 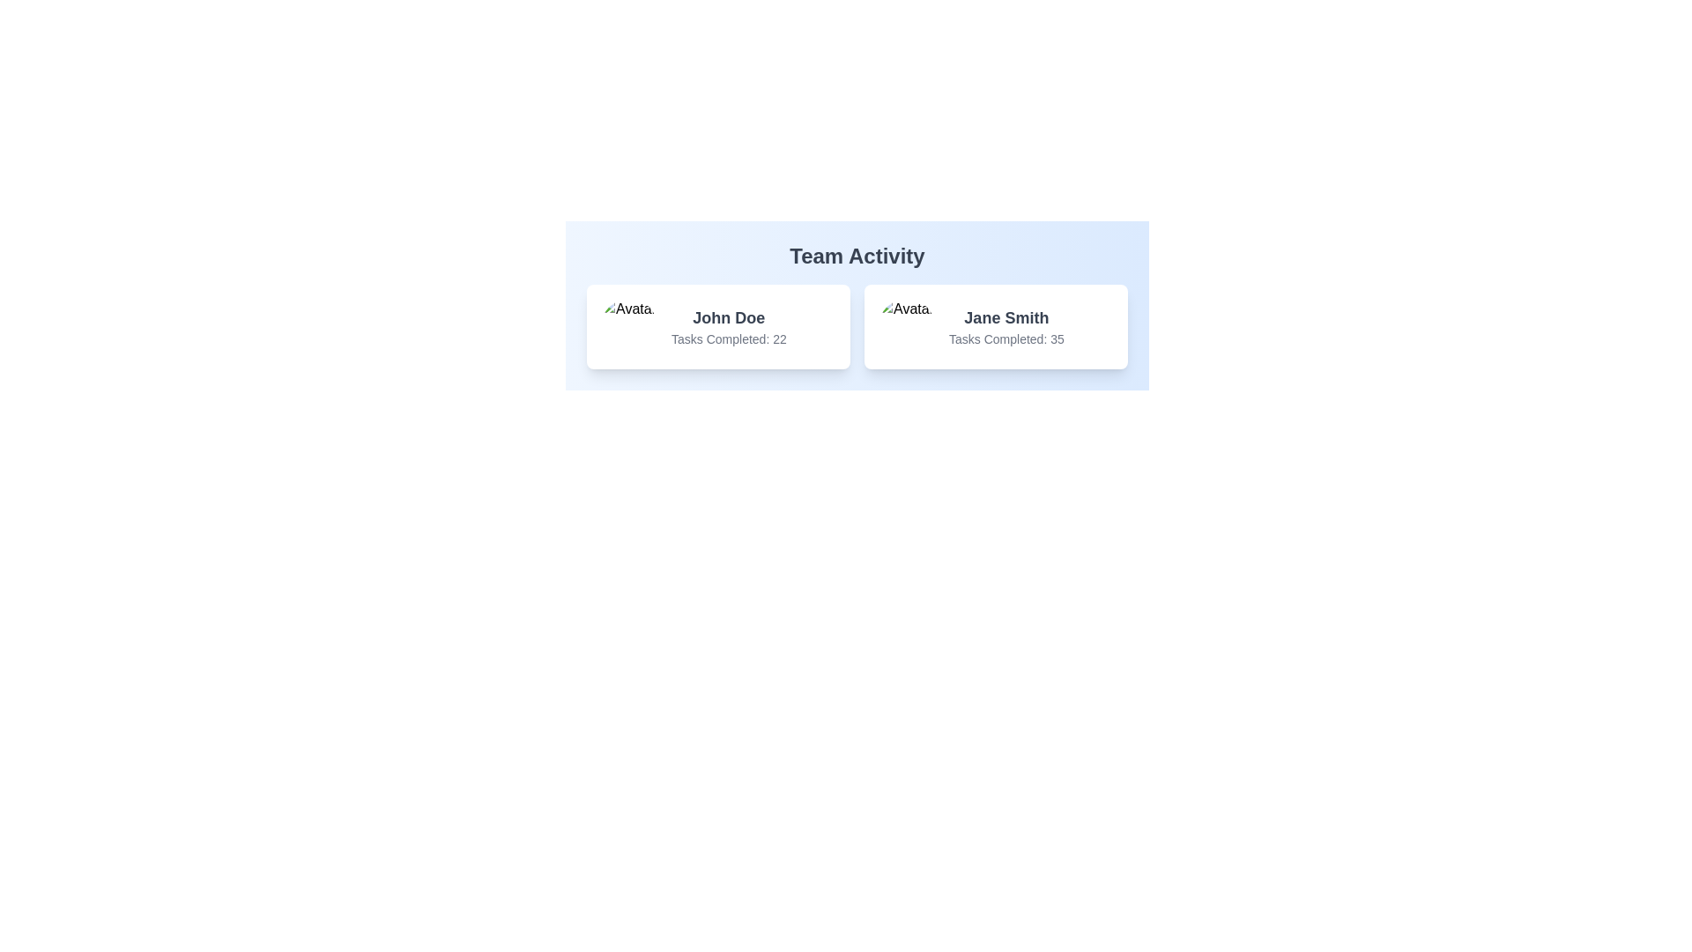 What do you see at coordinates (729, 318) in the screenshot?
I see `the text label displaying 'John Doe', which is located in the 'Team Activity' section of the left card, serving as a title for the associated user data` at bounding box center [729, 318].